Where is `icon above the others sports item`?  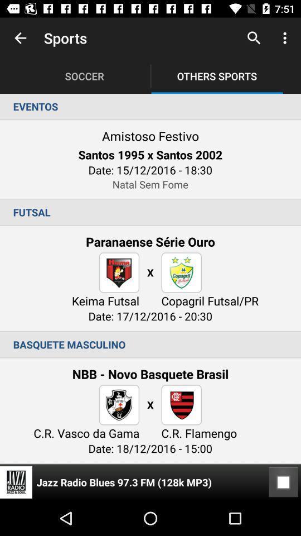 icon above the others sports item is located at coordinates (254, 38).